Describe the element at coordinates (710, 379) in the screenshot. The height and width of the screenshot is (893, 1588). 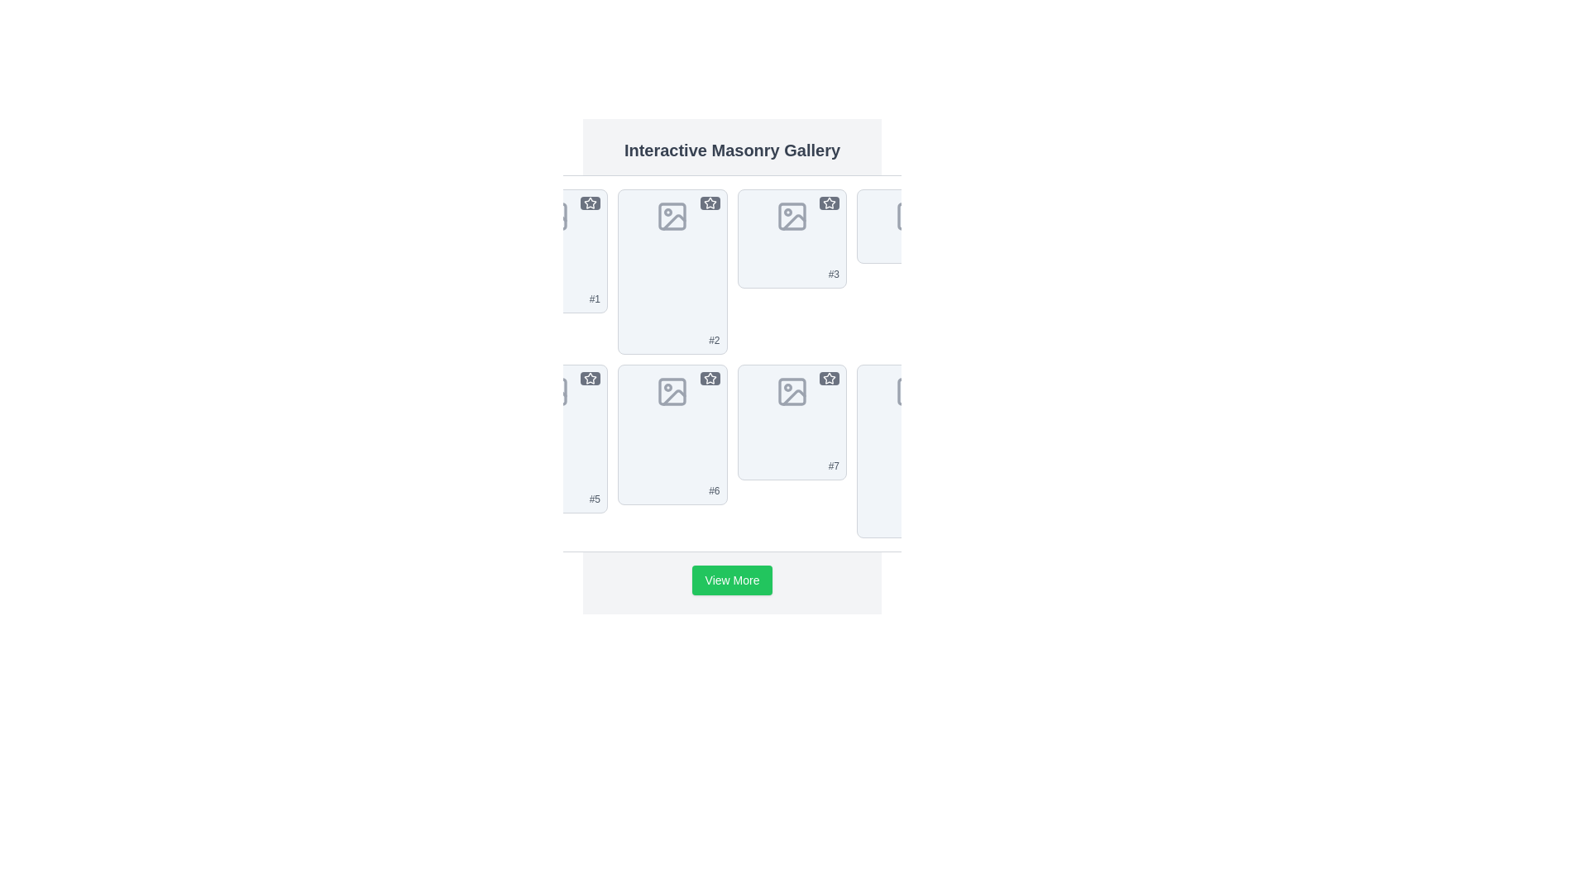
I see `the star icon button styled as a favorite marker located at the upper-right corner of the sixth card` at that location.